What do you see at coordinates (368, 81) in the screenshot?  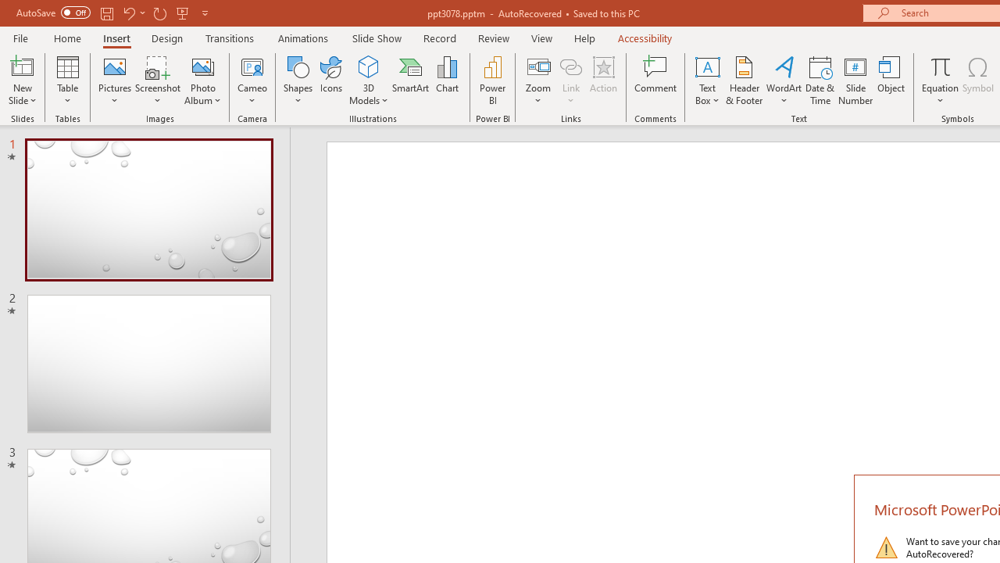 I see `'3D Models'` at bounding box center [368, 81].